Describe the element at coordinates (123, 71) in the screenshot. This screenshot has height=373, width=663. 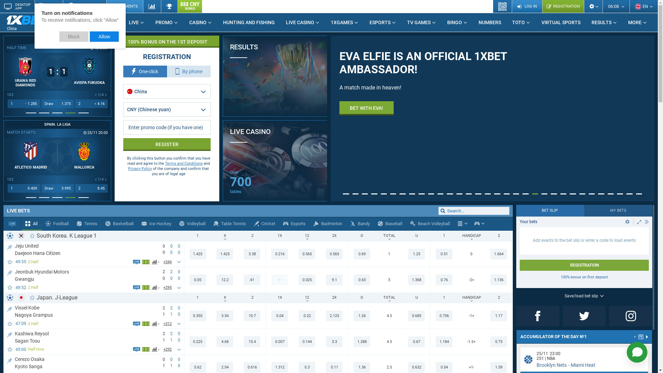
I see `'One-click'` at that location.